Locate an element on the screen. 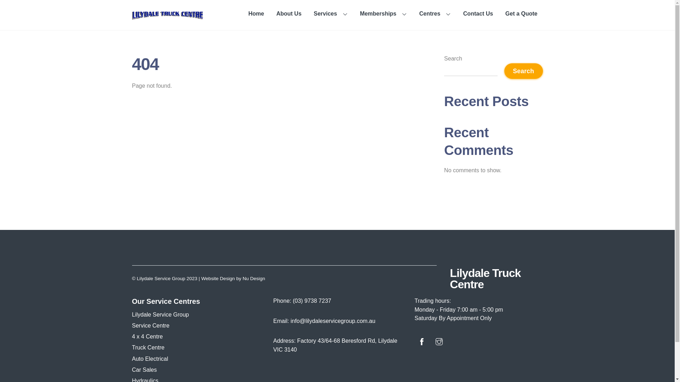 The width and height of the screenshot is (680, 382). 'Memberships' is located at coordinates (355, 13).